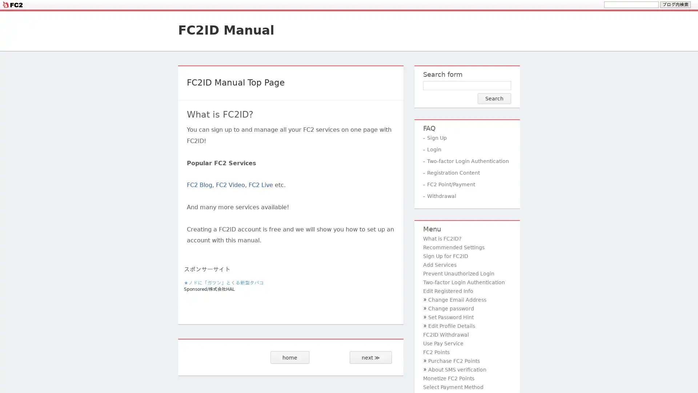 The image size is (698, 393). What do you see at coordinates (494, 98) in the screenshot?
I see `Search` at bounding box center [494, 98].